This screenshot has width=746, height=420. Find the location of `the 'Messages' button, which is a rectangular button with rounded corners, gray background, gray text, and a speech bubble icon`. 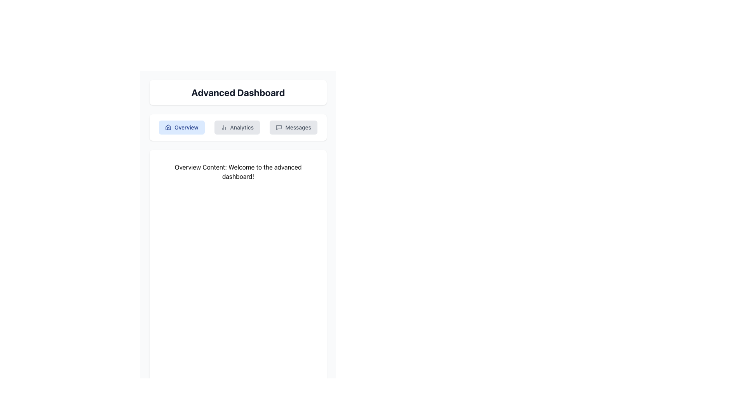

the 'Messages' button, which is a rectangular button with rounded corners, gray background, gray text, and a speech bubble icon is located at coordinates (293, 127).